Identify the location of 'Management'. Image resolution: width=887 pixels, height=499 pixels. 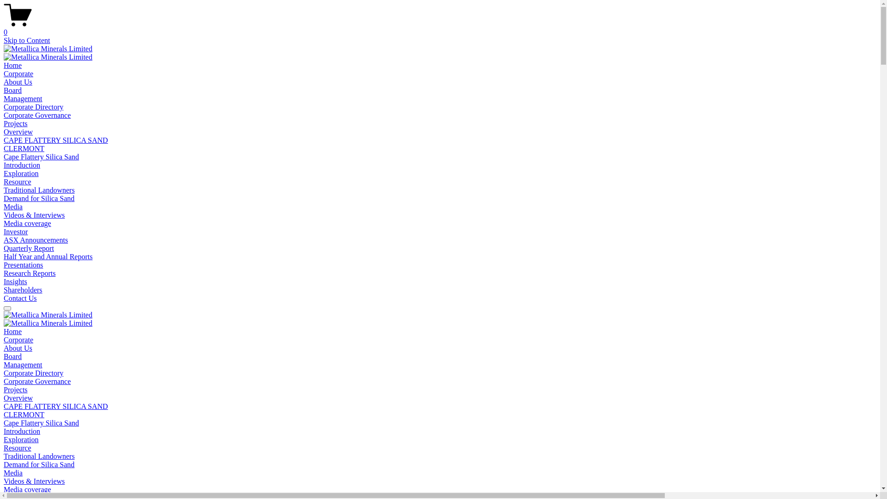
(23, 364).